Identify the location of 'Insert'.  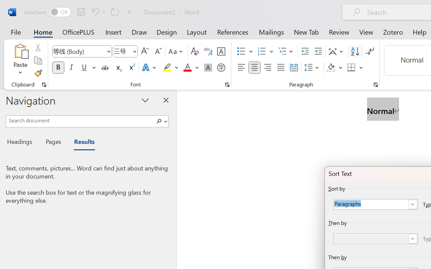
(113, 32).